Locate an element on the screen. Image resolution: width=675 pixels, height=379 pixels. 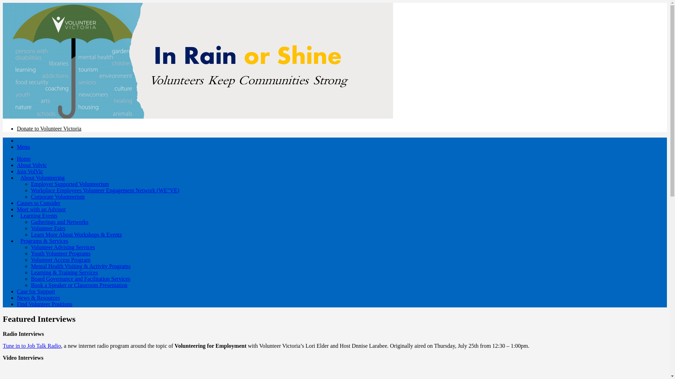
'Donate to Volunteer Victoria' is located at coordinates (49, 128).